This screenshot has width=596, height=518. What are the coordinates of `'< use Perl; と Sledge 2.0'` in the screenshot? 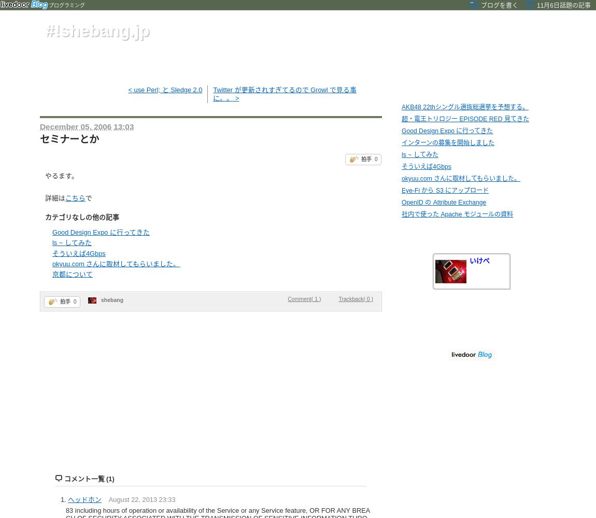 It's located at (165, 90).